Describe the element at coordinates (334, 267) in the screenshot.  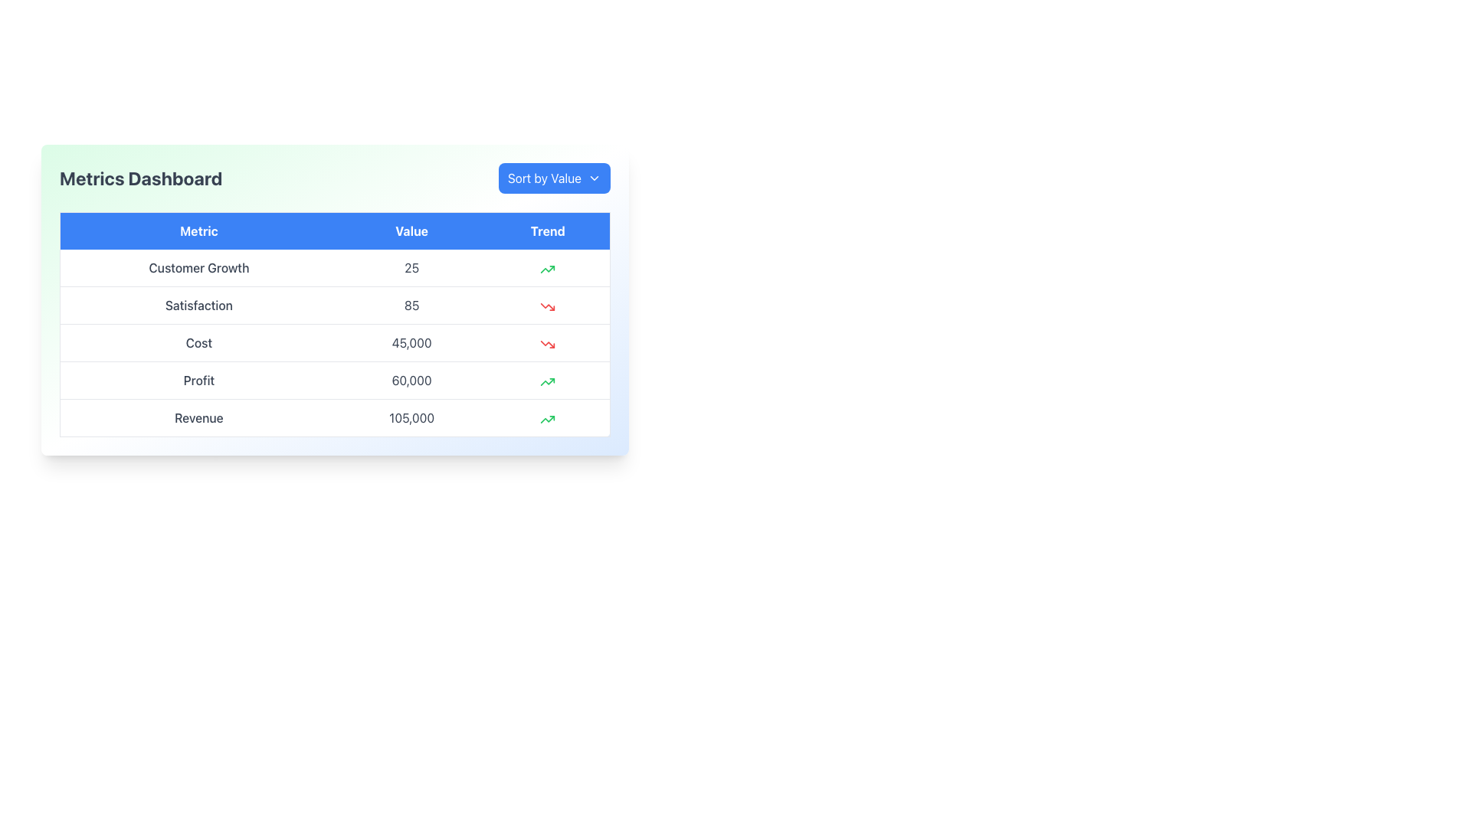
I see `the first table row displaying 'Customer Growth'` at that location.